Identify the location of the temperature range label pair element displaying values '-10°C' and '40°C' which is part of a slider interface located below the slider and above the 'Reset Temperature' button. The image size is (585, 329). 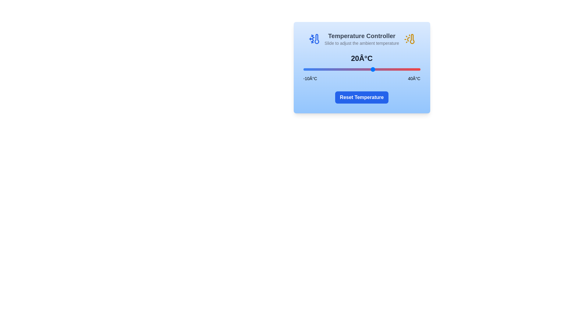
(362, 78).